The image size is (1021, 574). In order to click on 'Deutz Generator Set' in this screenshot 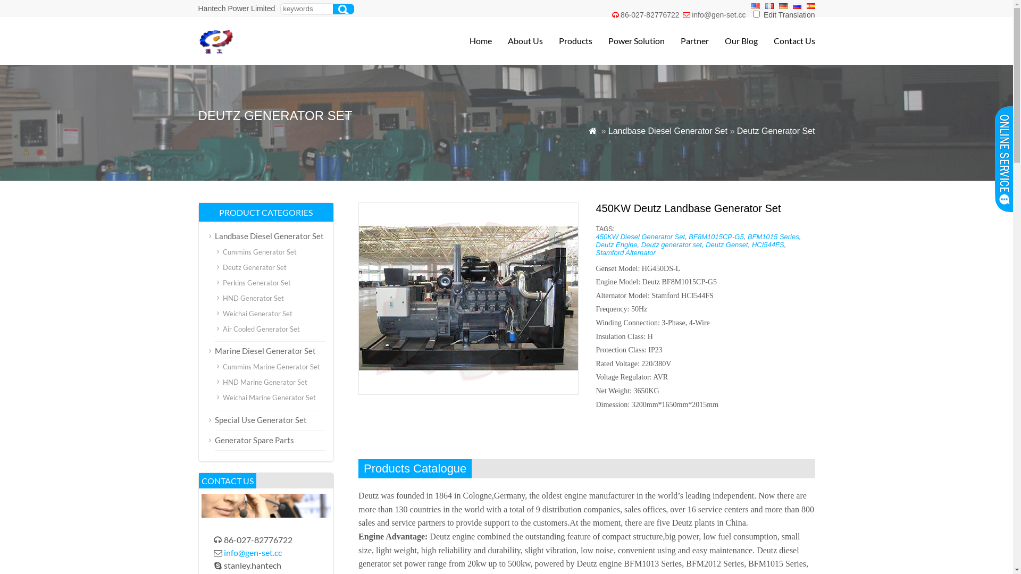, I will do `click(254, 266)`.